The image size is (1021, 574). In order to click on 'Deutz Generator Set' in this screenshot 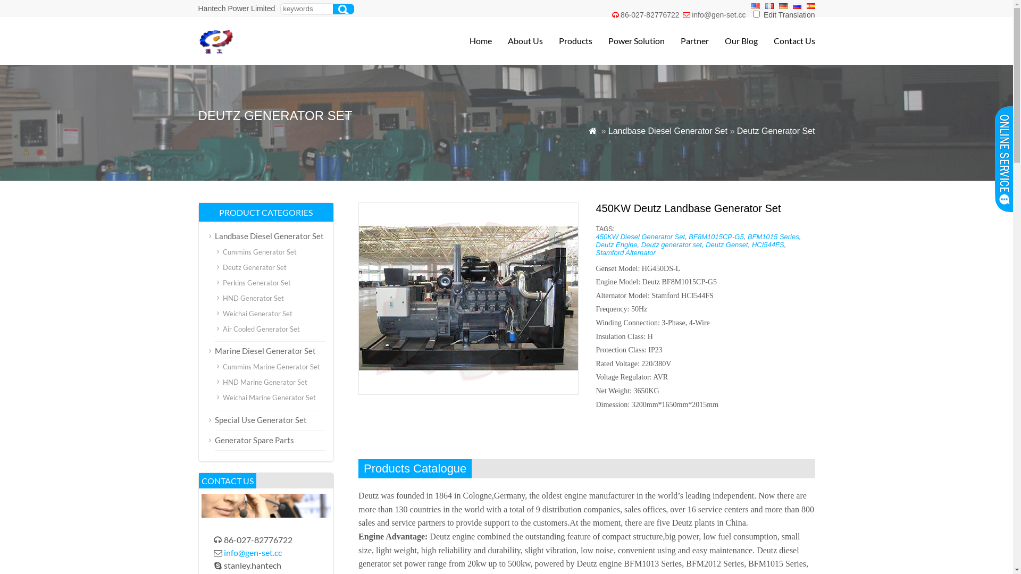, I will do `click(254, 266)`.